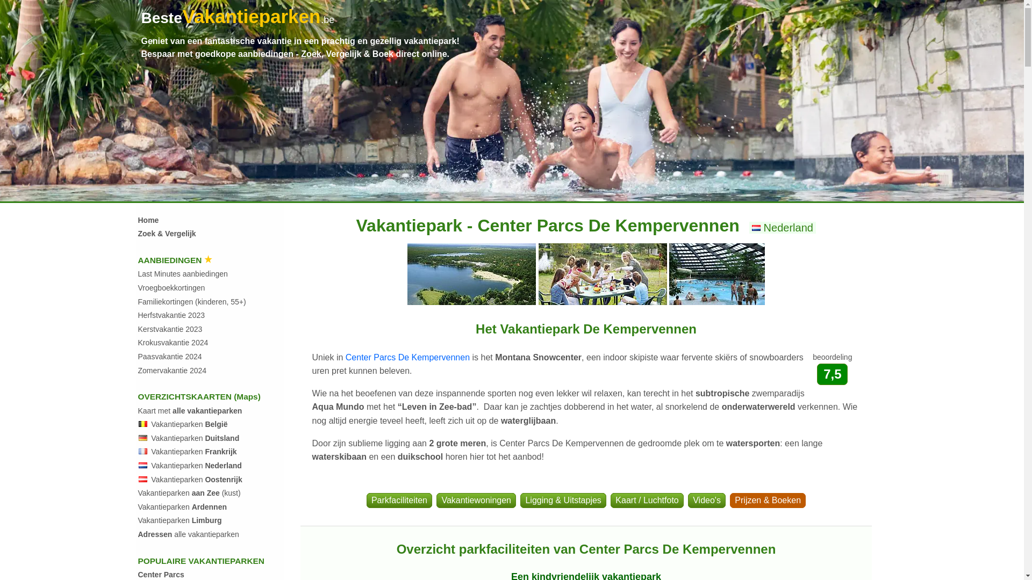 The height and width of the screenshot is (580, 1032). I want to click on 'Adressen alle vakantieparken', so click(188, 534).